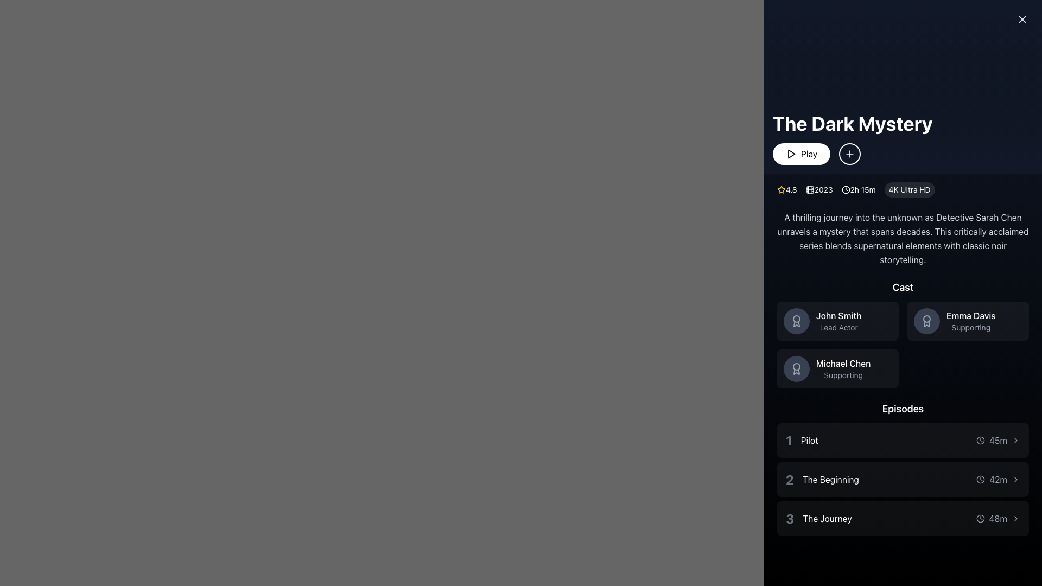  What do you see at coordinates (789, 441) in the screenshot?
I see `the content of the numerical label indicating the episode number located in the episode list under 'Episodes', positioned directly to the left of the text label 'Pilot'` at bounding box center [789, 441].